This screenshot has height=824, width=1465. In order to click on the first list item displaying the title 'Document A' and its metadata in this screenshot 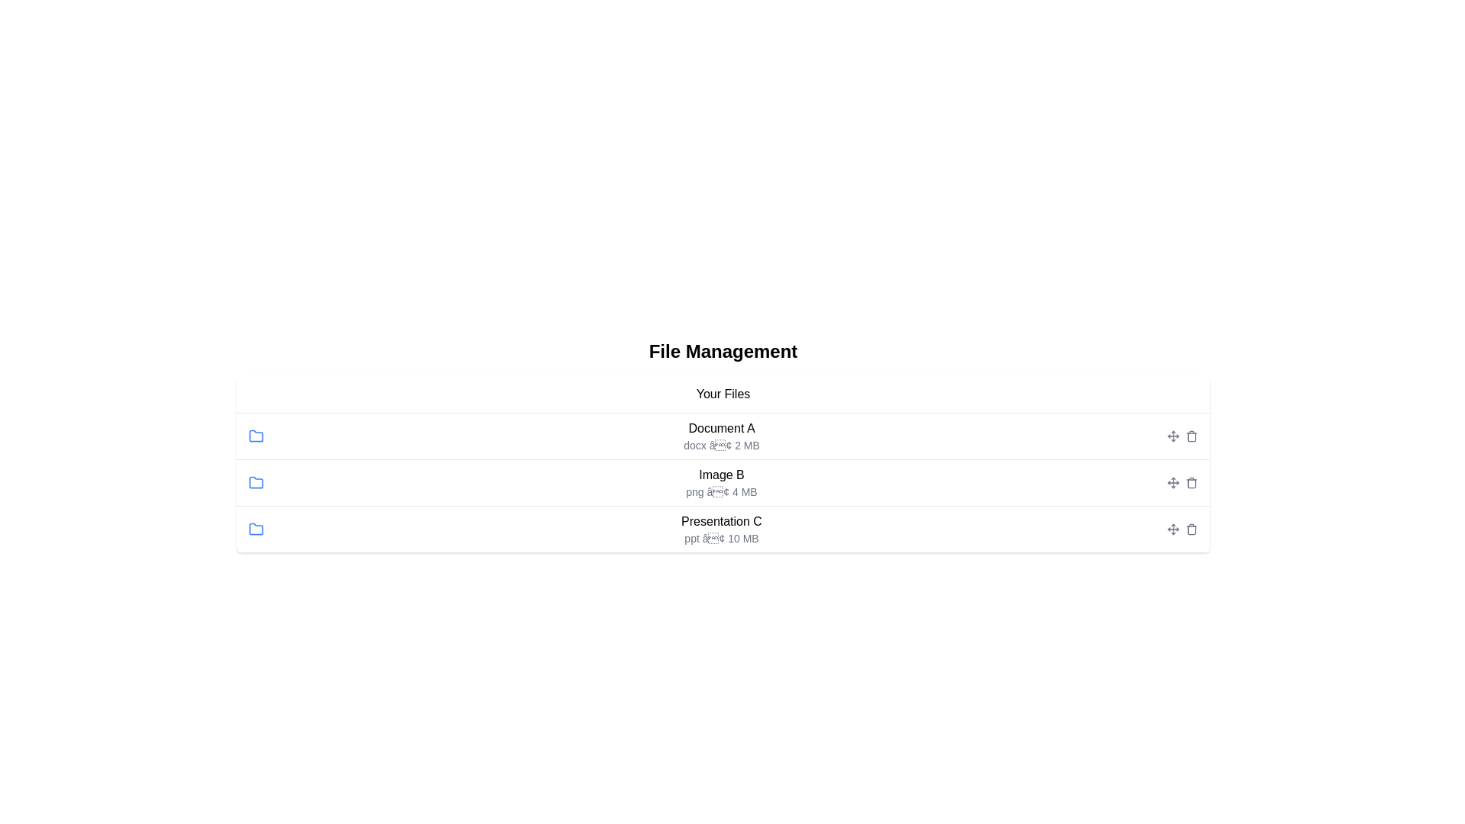, I will do `click(720, 436)`.